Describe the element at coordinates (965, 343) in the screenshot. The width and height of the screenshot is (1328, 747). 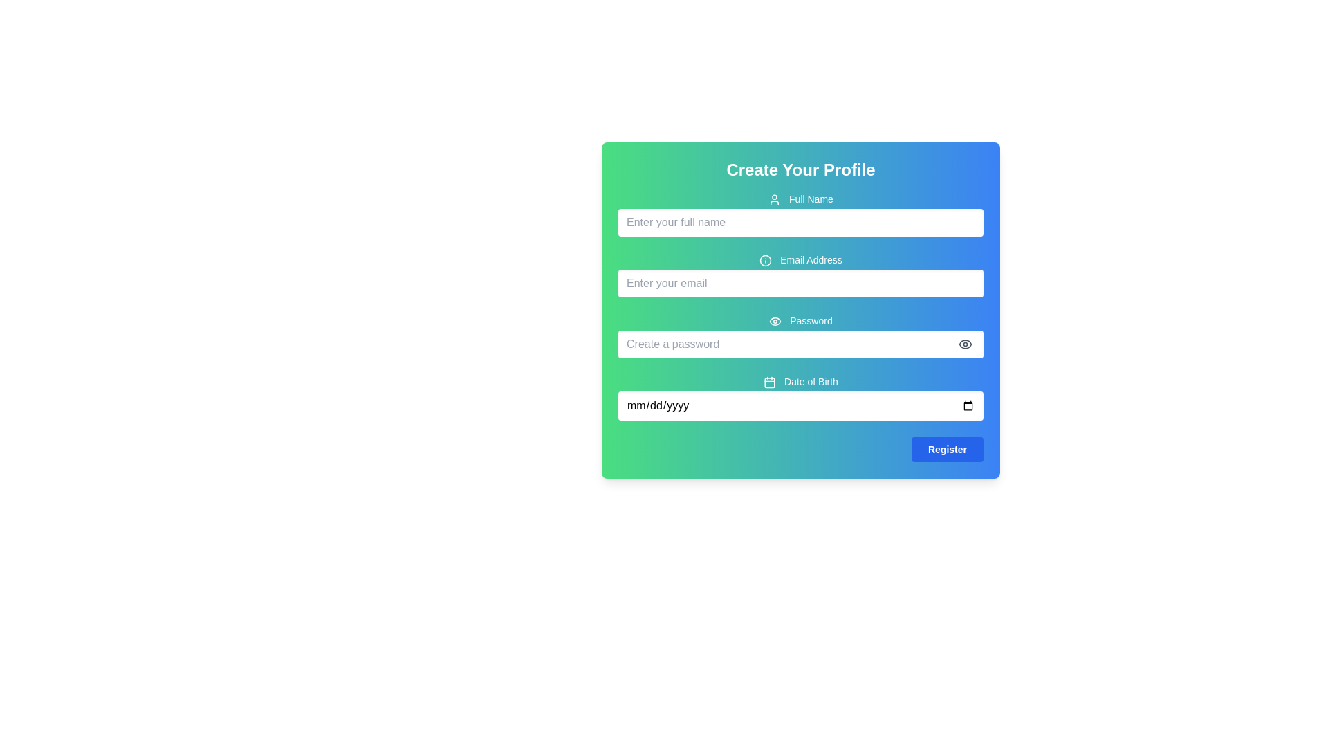
I see `the eye icon located on the right side of the password input field` at that location.